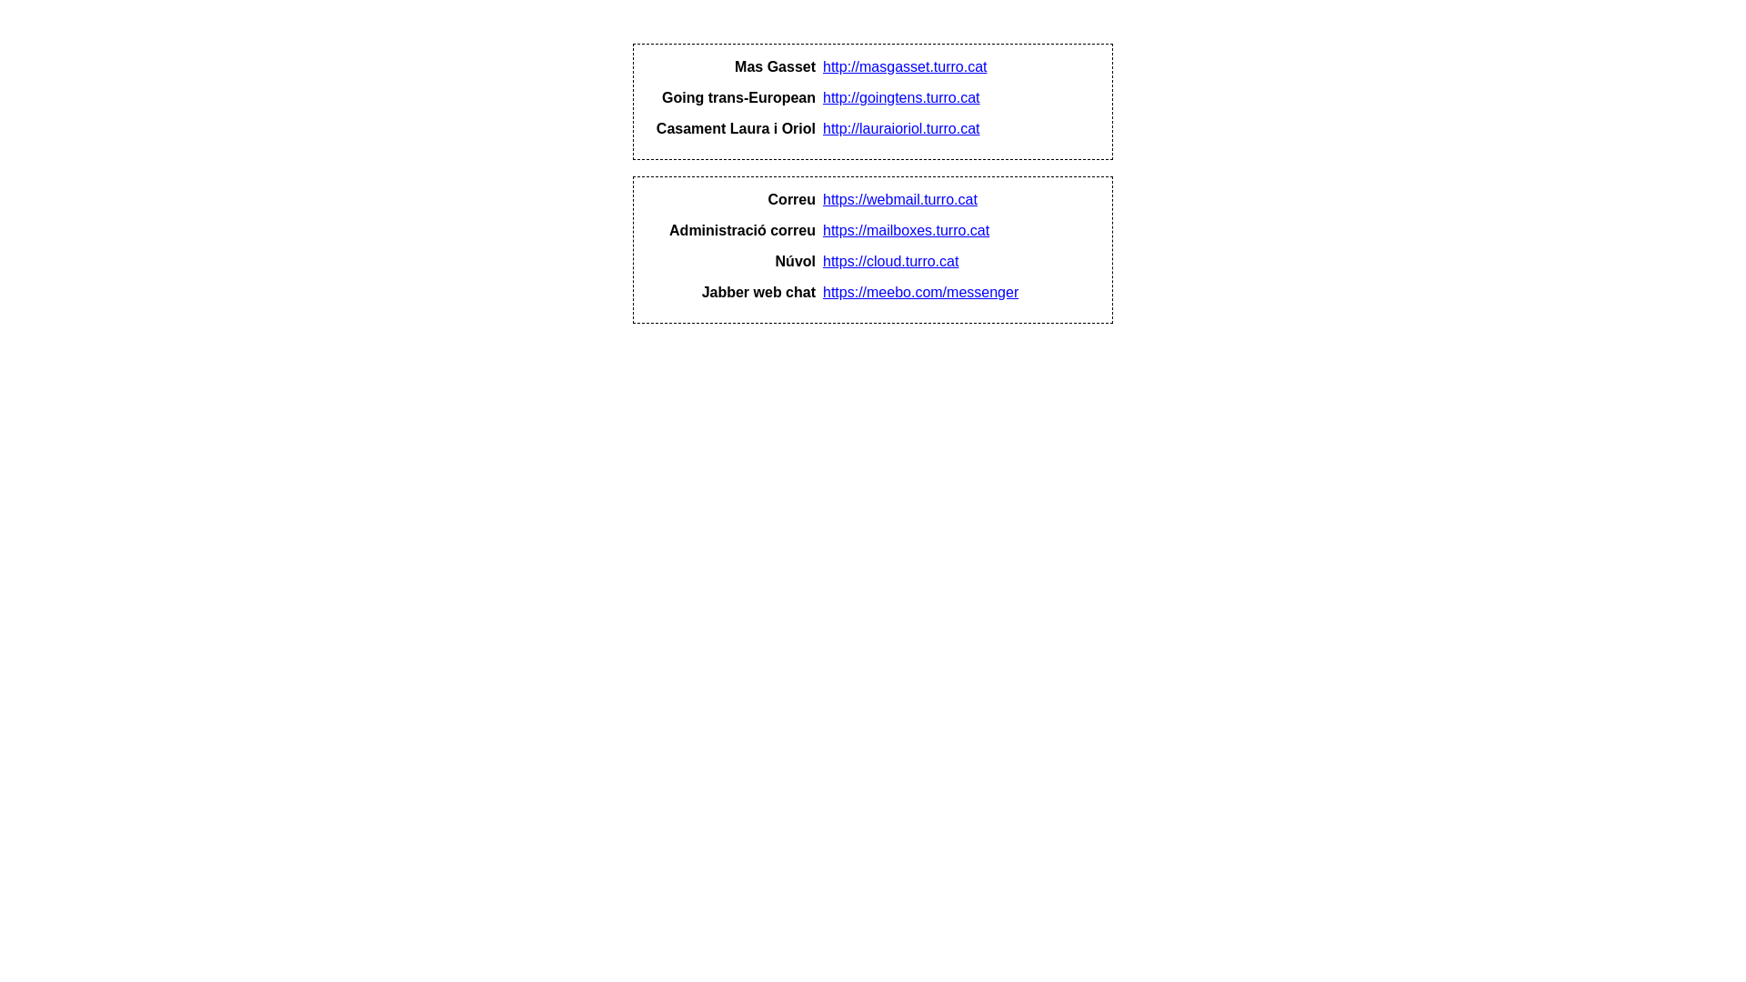  I want to click on 'http://masgasset.turro.cat', so click(905, 65).